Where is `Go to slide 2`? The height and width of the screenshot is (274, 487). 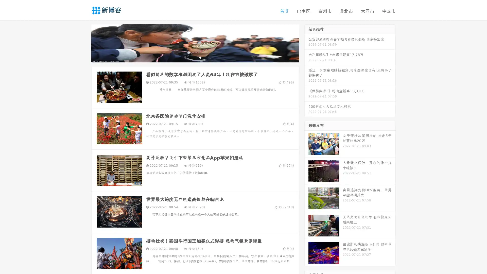 Go to slide 2 is located at coordinates (195, 57).